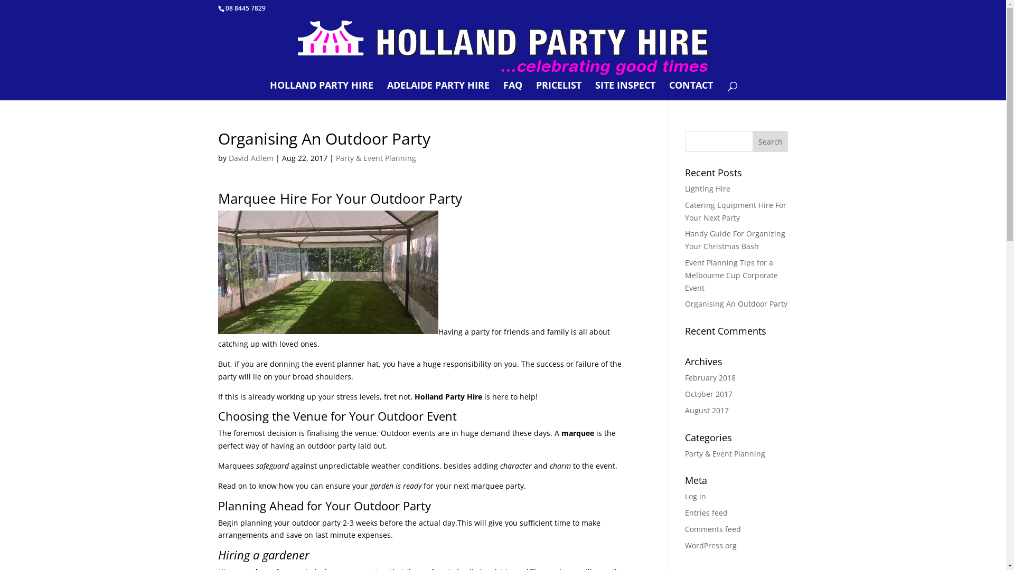  Describe the element at coordinates (706, 512) in the screenshot. I see `'Entries feed'` at that location.